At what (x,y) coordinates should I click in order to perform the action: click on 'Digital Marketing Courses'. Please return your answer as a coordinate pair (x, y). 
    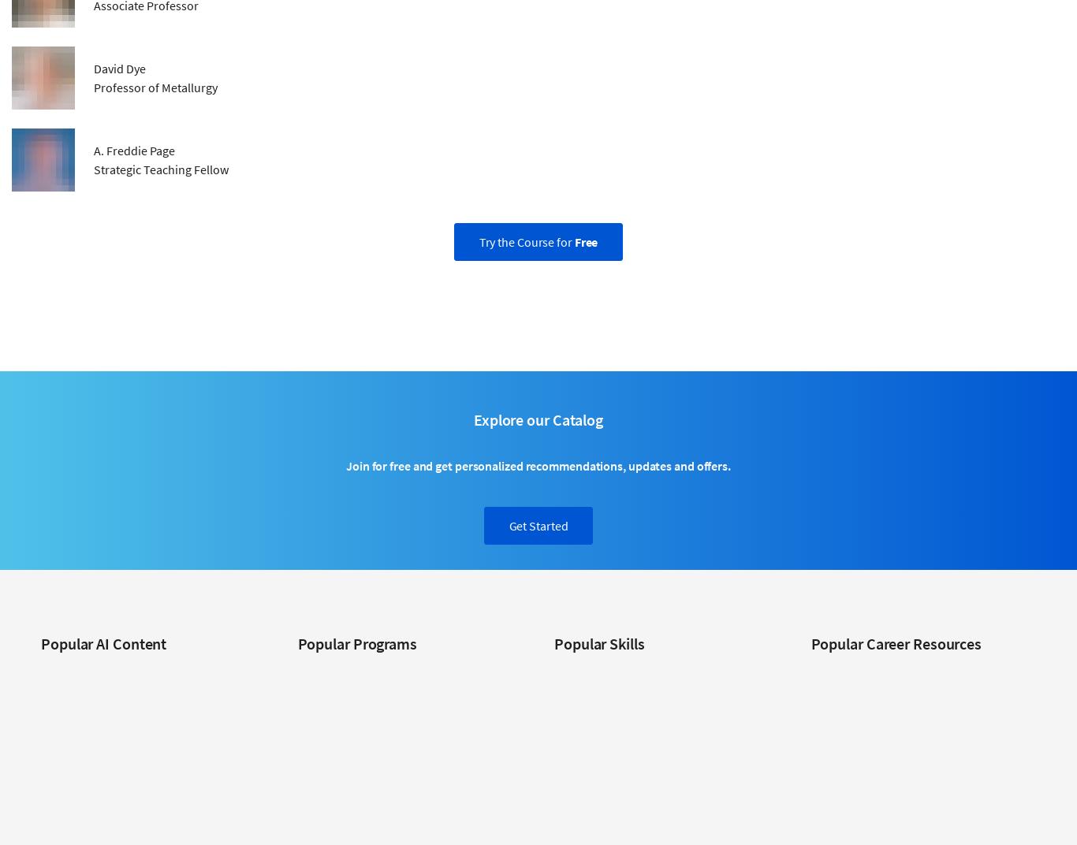
    Looking at the image, I should click on (613, 741).